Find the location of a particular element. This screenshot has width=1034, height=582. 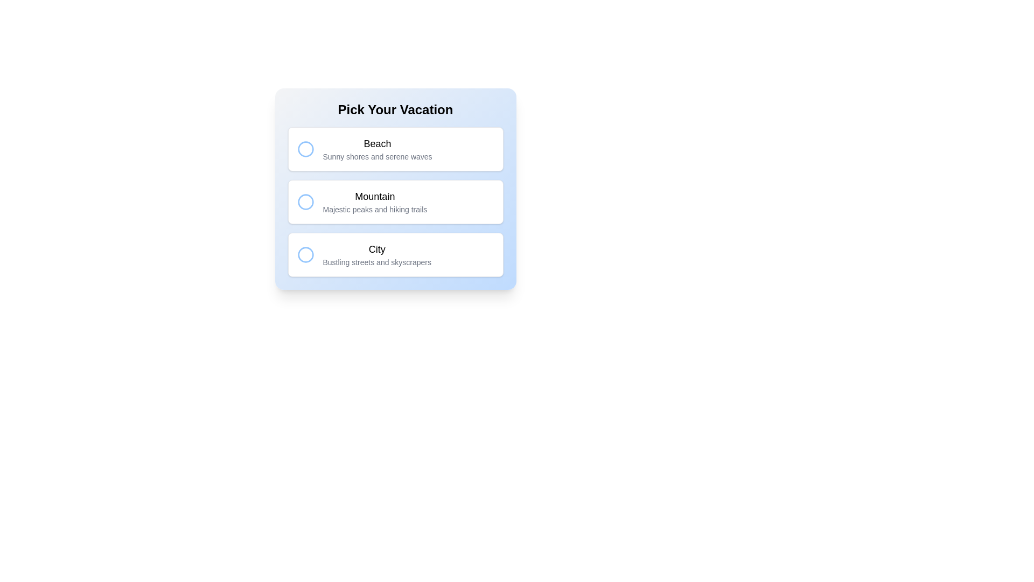

the second radio button is located at coordinates (305, 202).